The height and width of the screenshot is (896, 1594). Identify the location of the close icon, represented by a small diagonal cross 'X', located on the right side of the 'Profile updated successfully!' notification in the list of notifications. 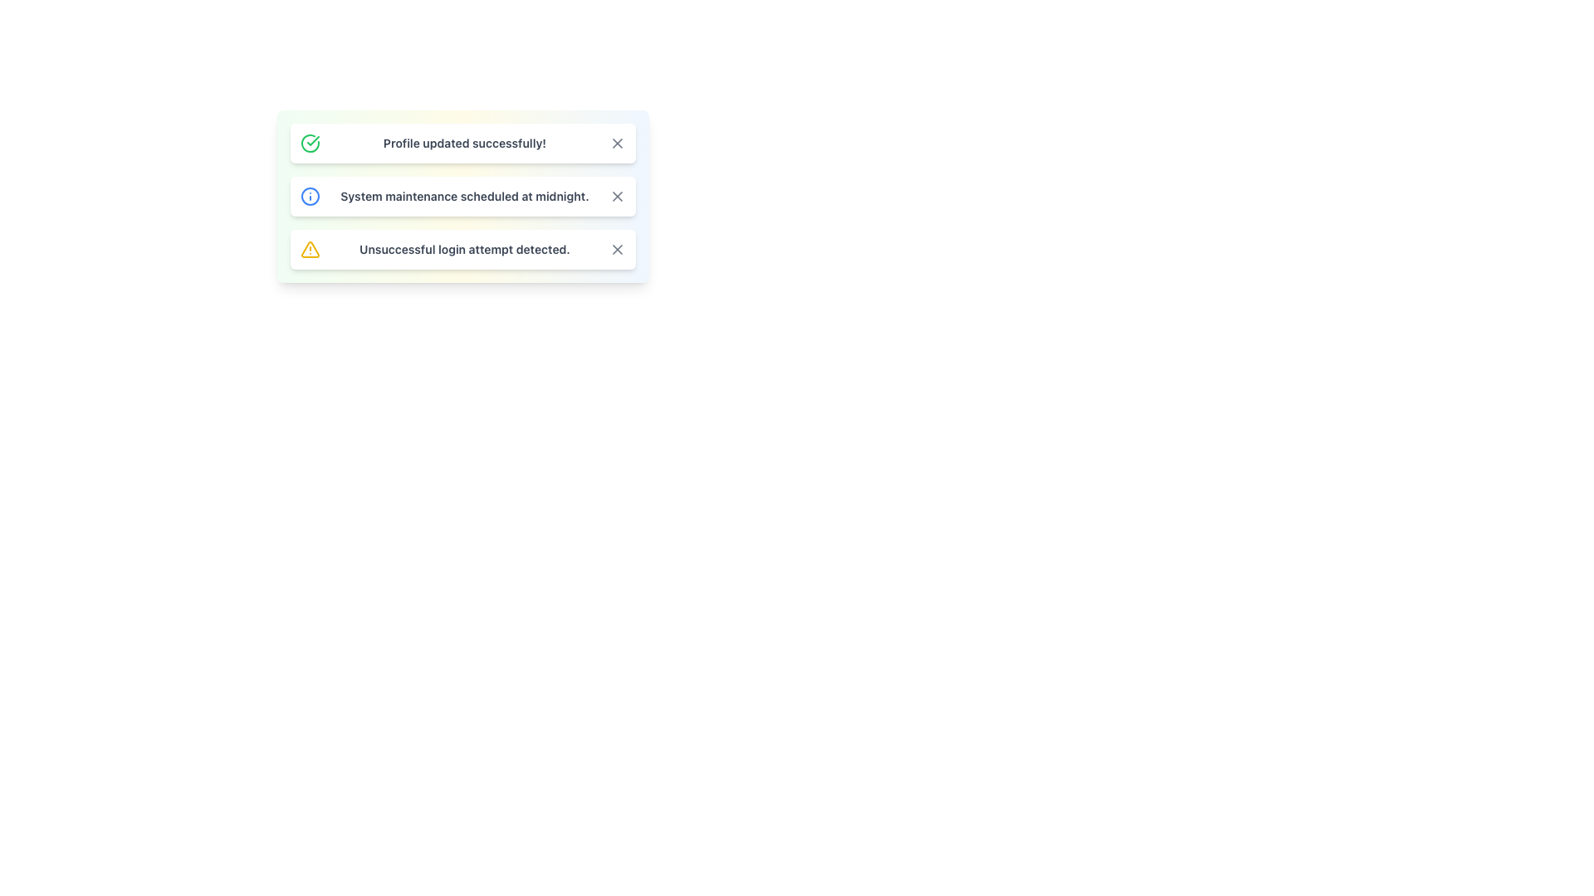
(617, 143).